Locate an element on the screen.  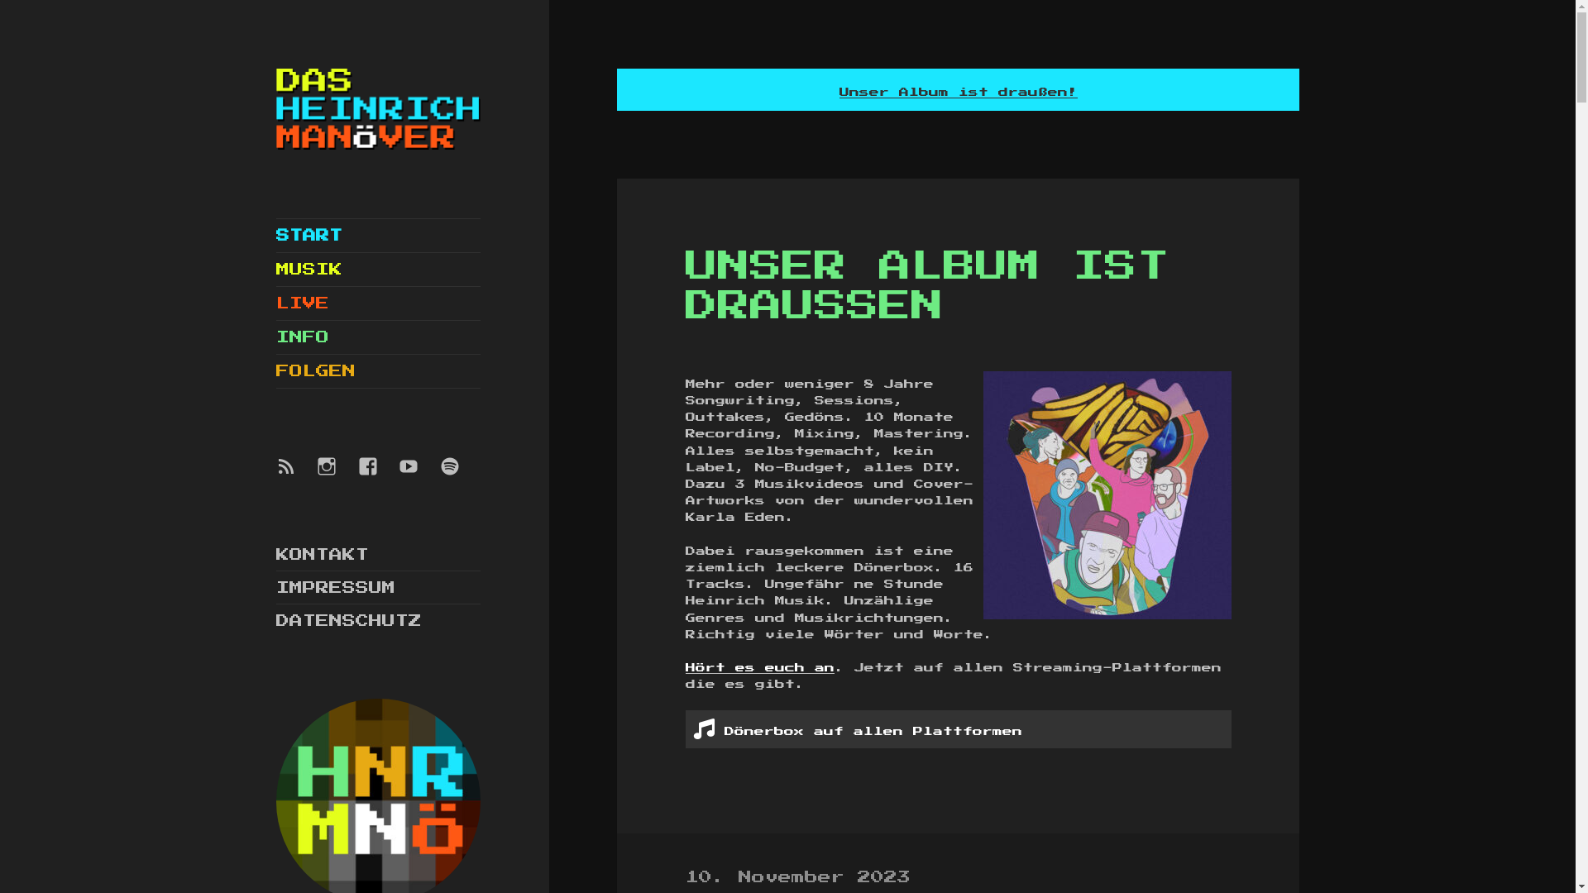
'IMPRESSUM' is located at coordinates (335, 586).